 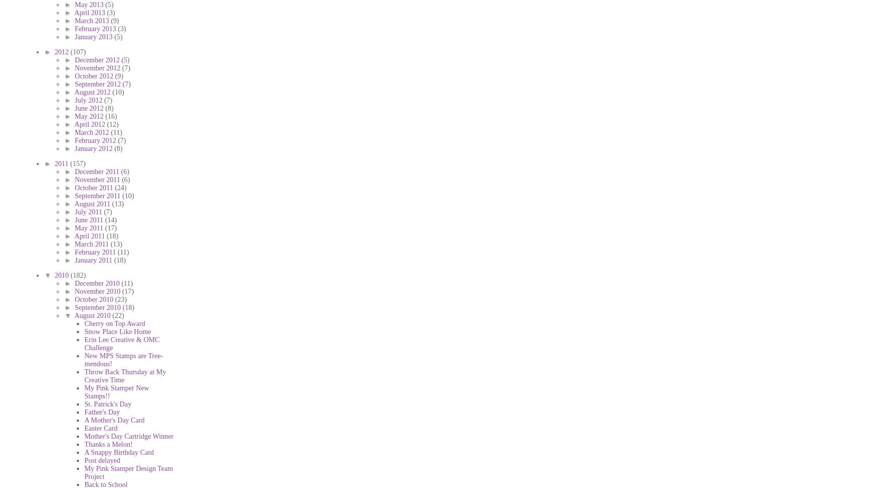 What do you see at coordinates (98, 67) in the screenshot?
I see `'November 2012'` at bounding box center [98, 67].